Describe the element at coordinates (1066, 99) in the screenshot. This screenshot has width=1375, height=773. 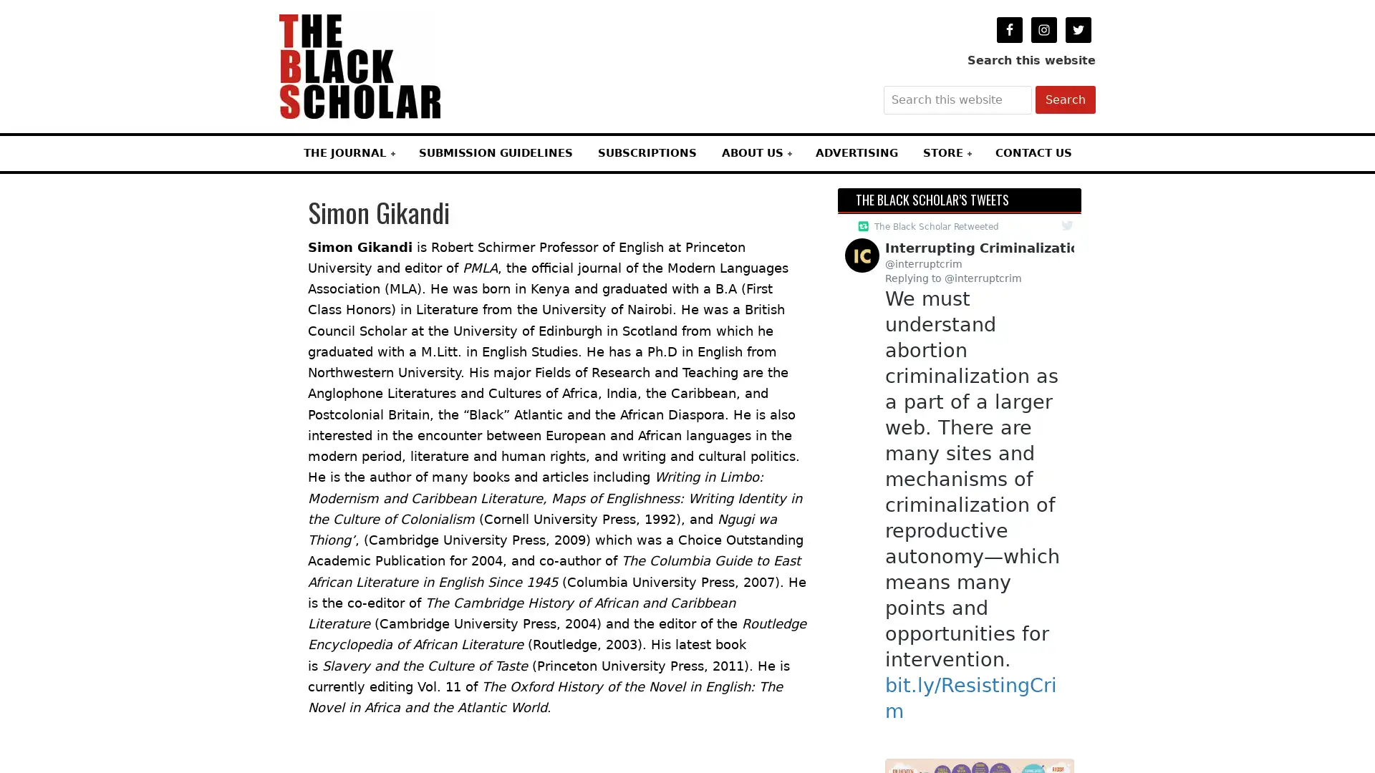
I see `Search` at that location.